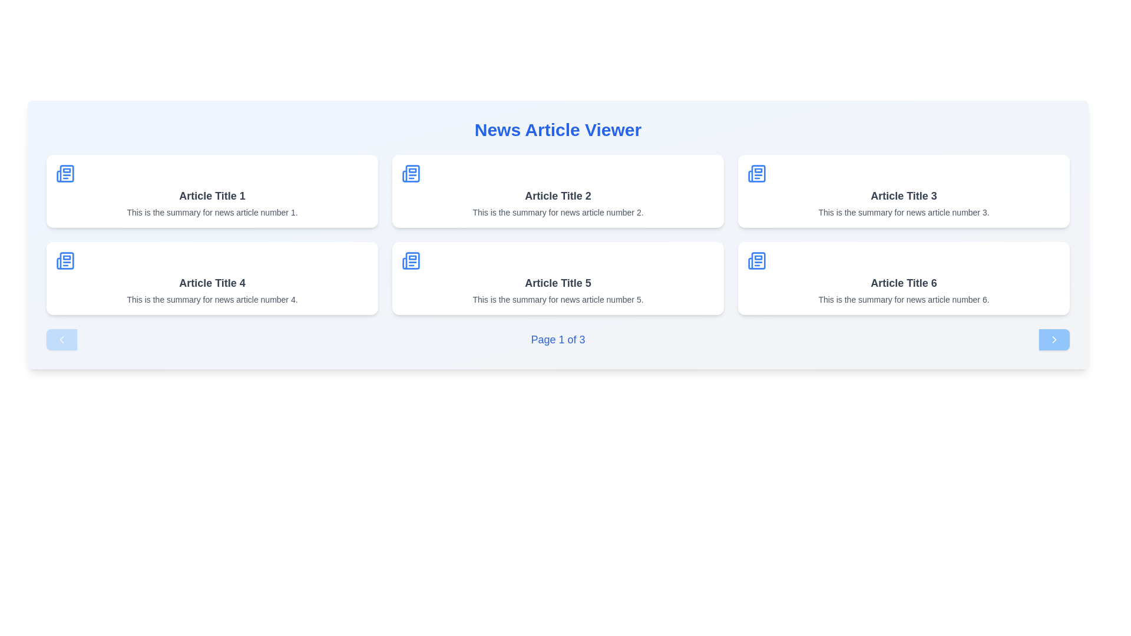  I want to click on small gray text located below the bold title 'Article Title 6' in the article card, so click(903, 299).